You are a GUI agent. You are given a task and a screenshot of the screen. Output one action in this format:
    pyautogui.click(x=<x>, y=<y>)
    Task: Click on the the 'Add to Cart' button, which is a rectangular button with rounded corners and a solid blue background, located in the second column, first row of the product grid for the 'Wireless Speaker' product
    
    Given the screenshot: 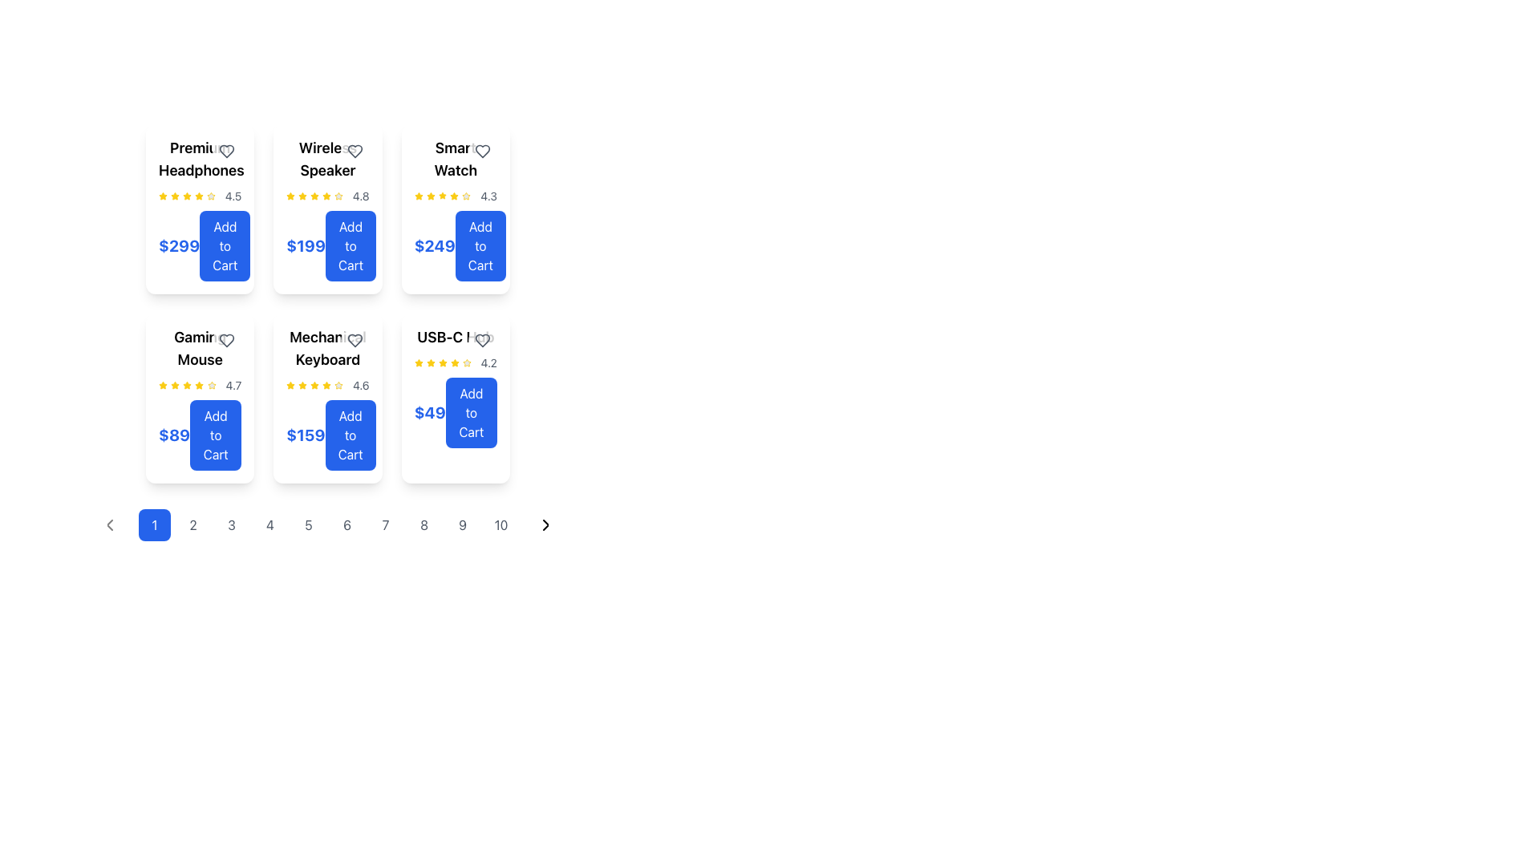 What is the action you would take?
    pyautogui.click(x=350, y=246)
    